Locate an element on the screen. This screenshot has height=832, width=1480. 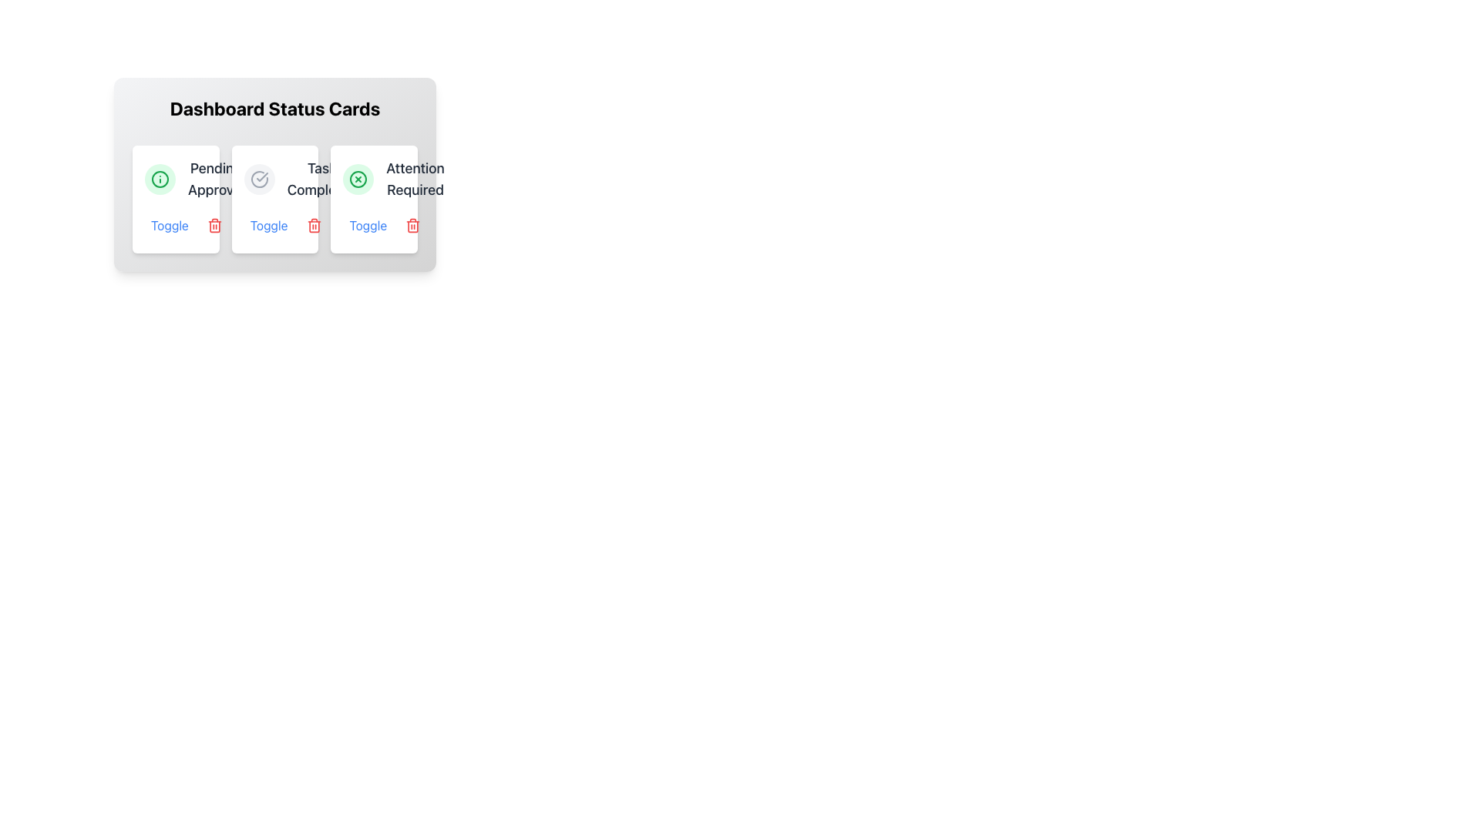
the 'Pending Approval' label, which is styled in a large bold font and is part of a status card, positioned prominently within the second card from the left is located at coordinates (215, 178).